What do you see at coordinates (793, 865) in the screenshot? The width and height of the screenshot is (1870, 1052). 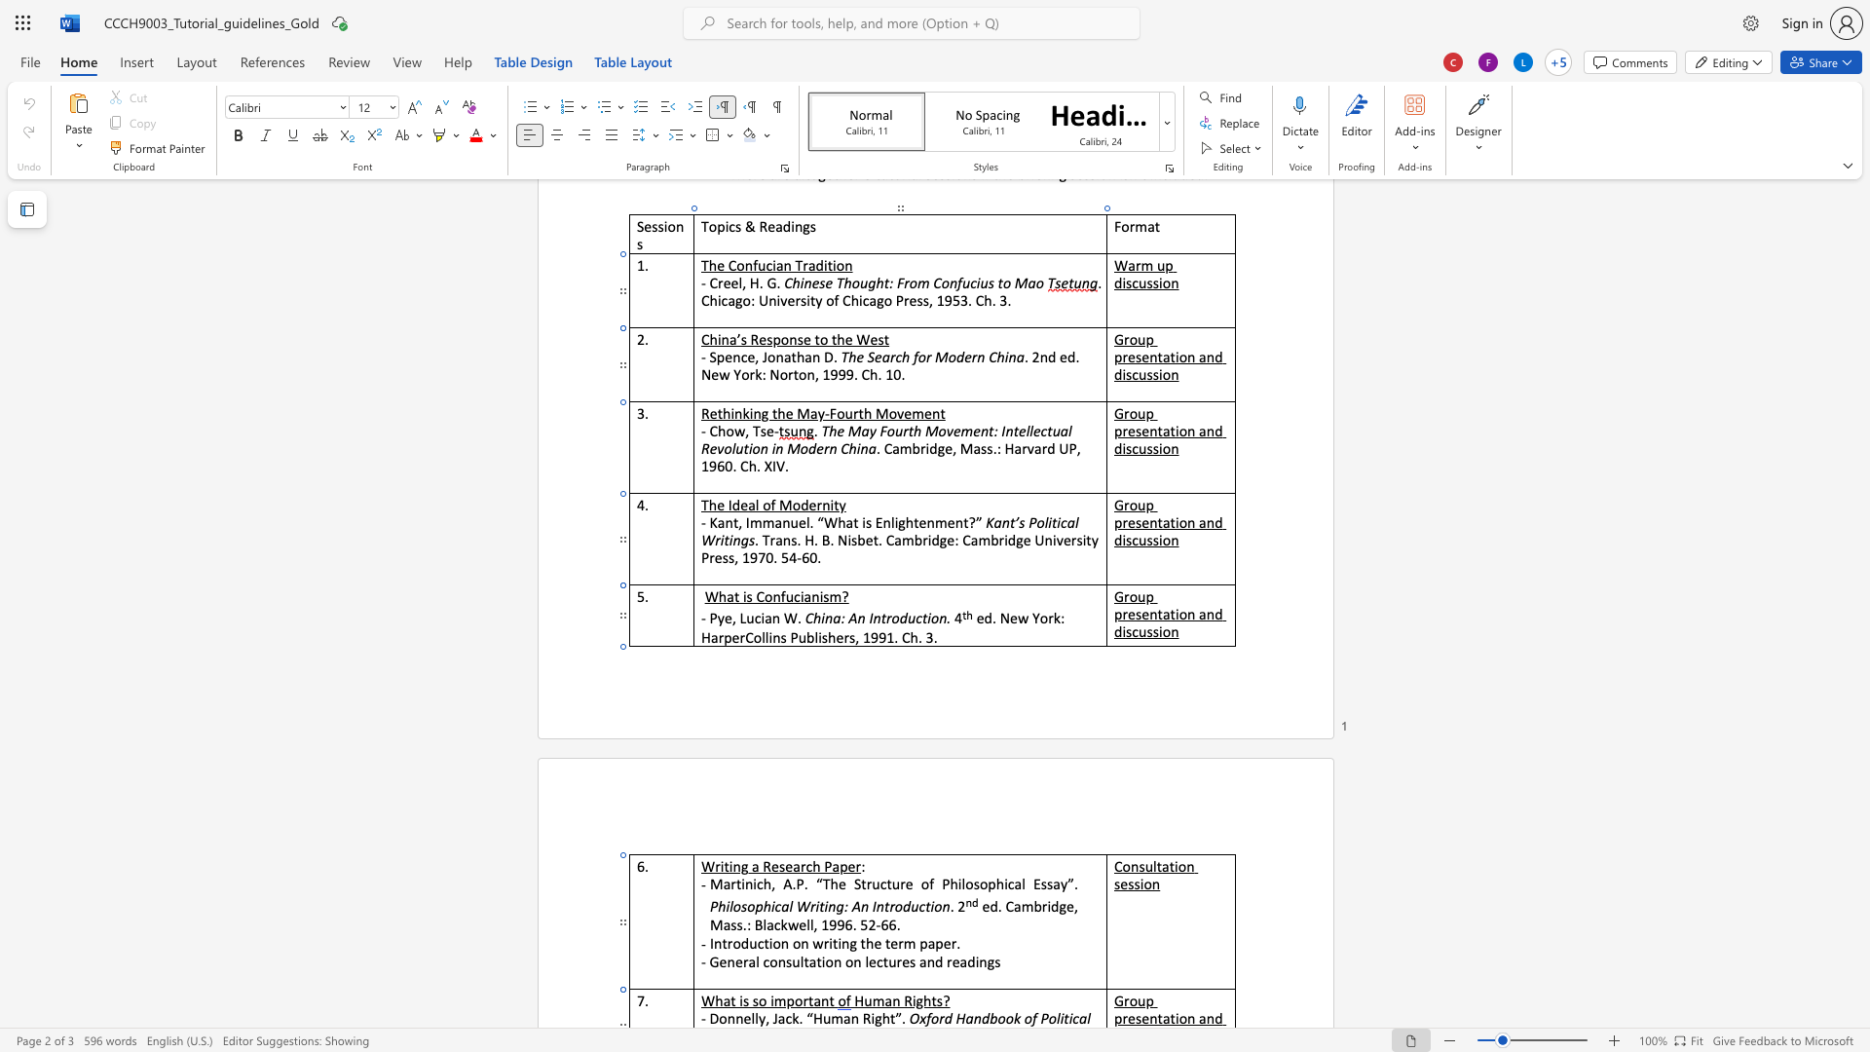 I see `the space between the continuous character "e" and "a" in the text` at bounding box center [793, 865].